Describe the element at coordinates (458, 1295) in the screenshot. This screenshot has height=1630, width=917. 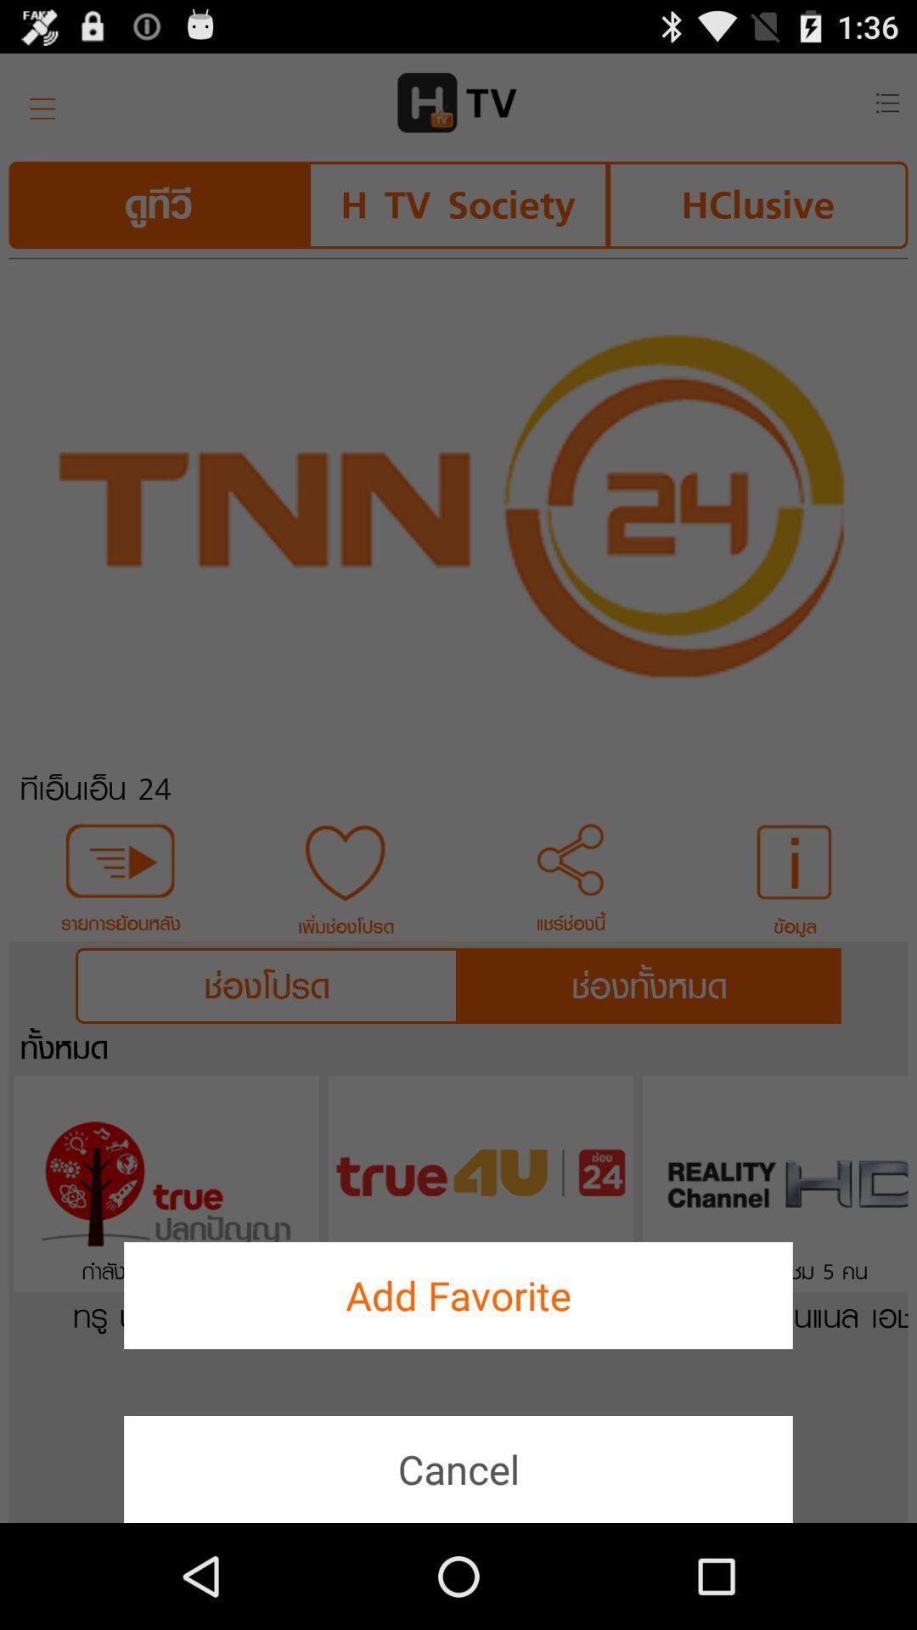
I see `add favorite button` at that location.